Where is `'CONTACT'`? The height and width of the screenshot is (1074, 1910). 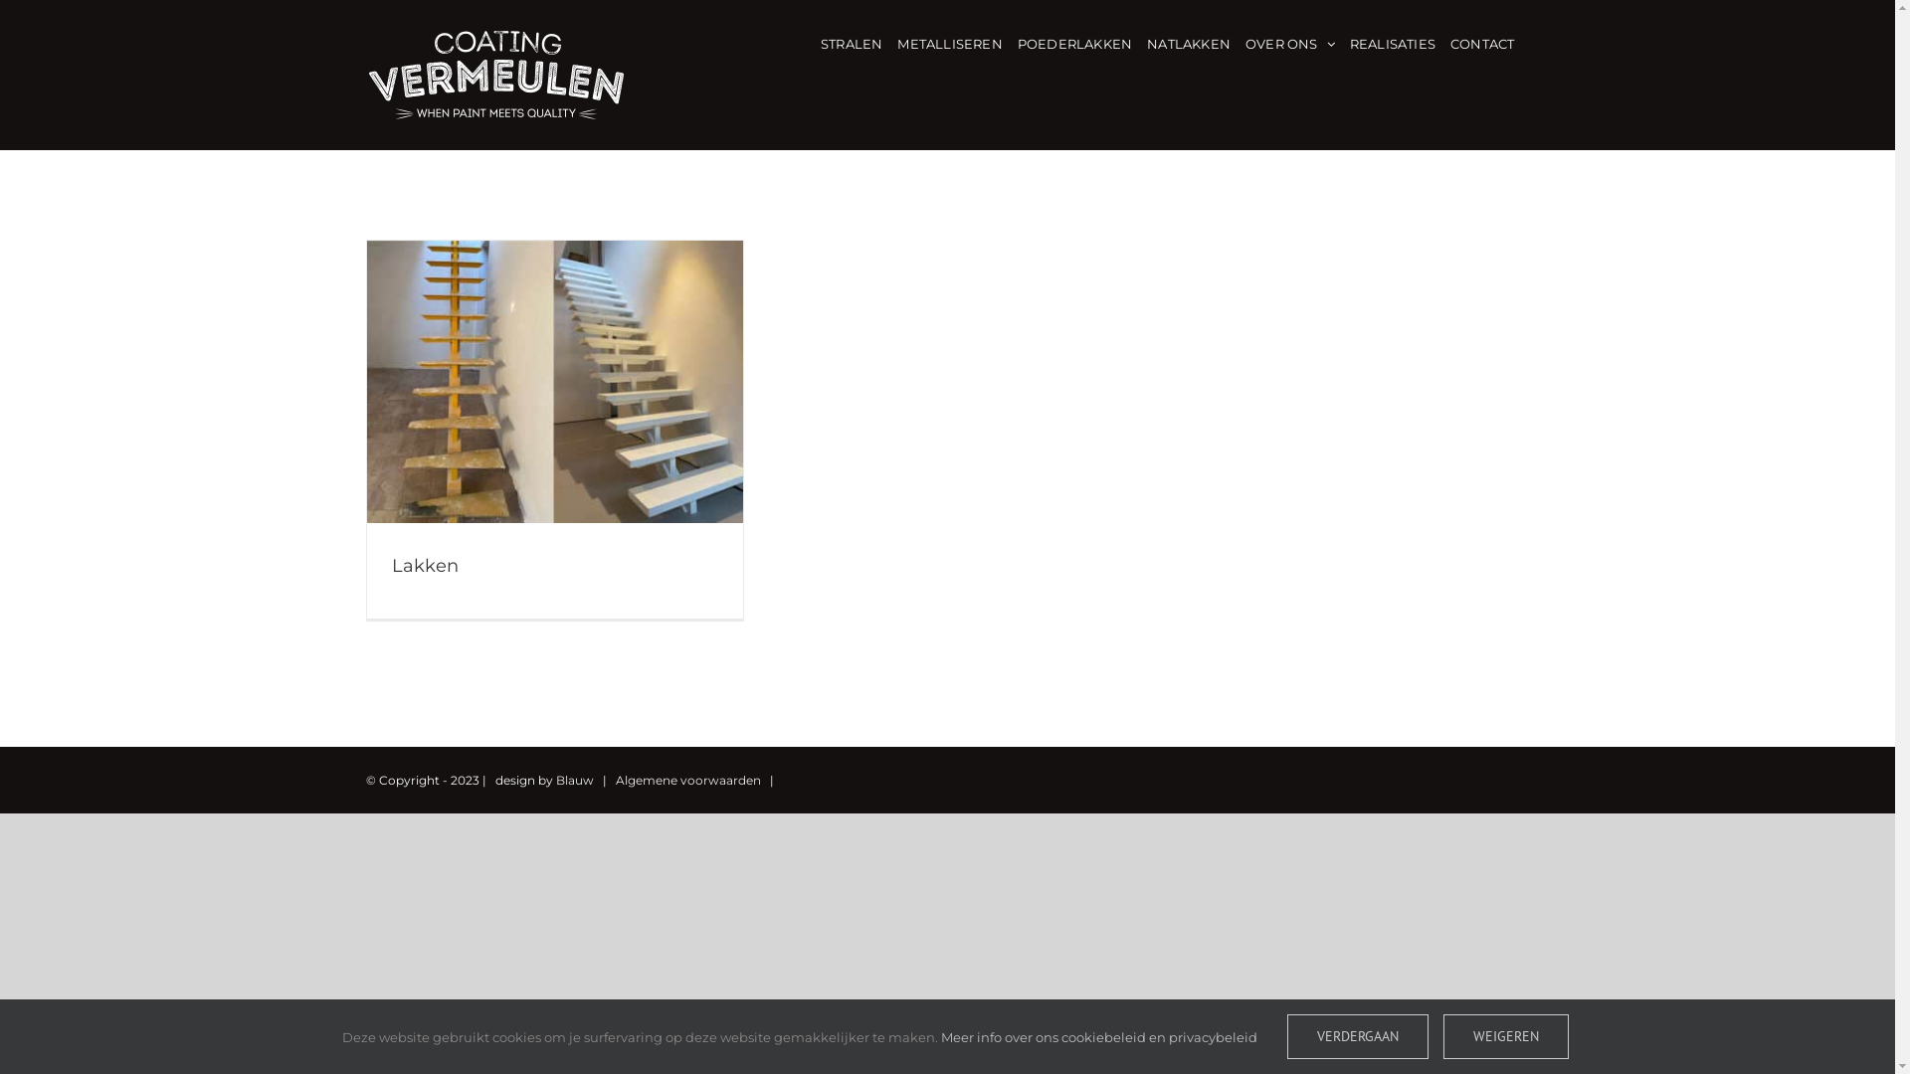
'CONTACT' is located at coordinates (1481, 42).